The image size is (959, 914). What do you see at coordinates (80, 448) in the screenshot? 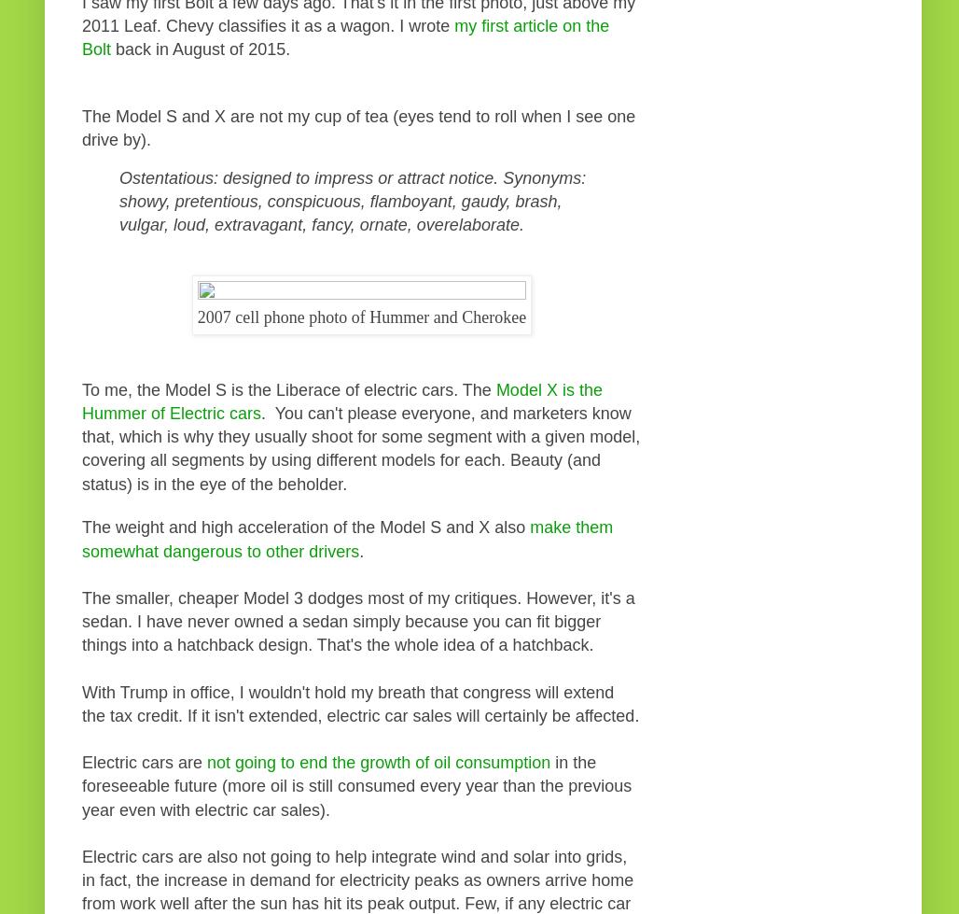
I see `'.  You can't please everyone, and marketers know that, which is why they usually shoot for some segment with a given model, covering all segments by using different models for each. Beauty (and status) is in the eye of the beholder.'` at bounding box center [80, 448].